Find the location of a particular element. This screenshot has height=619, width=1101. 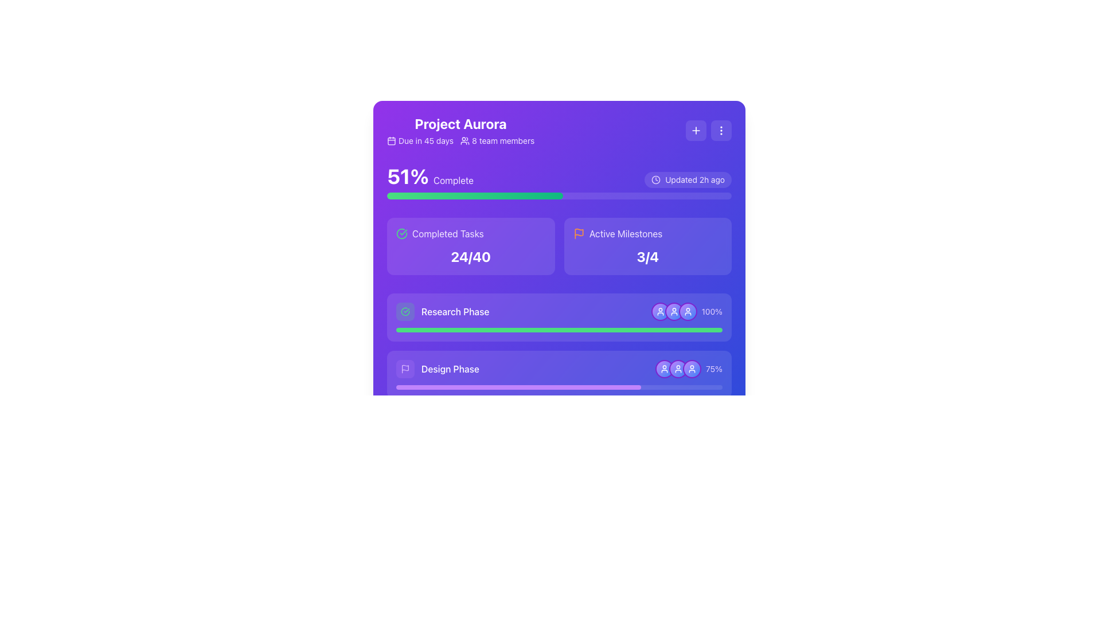

the user avatar representing a team member in the 'Design Phase' section, located to the right of the '75%' progress bar is located at coordinates (678, 369).